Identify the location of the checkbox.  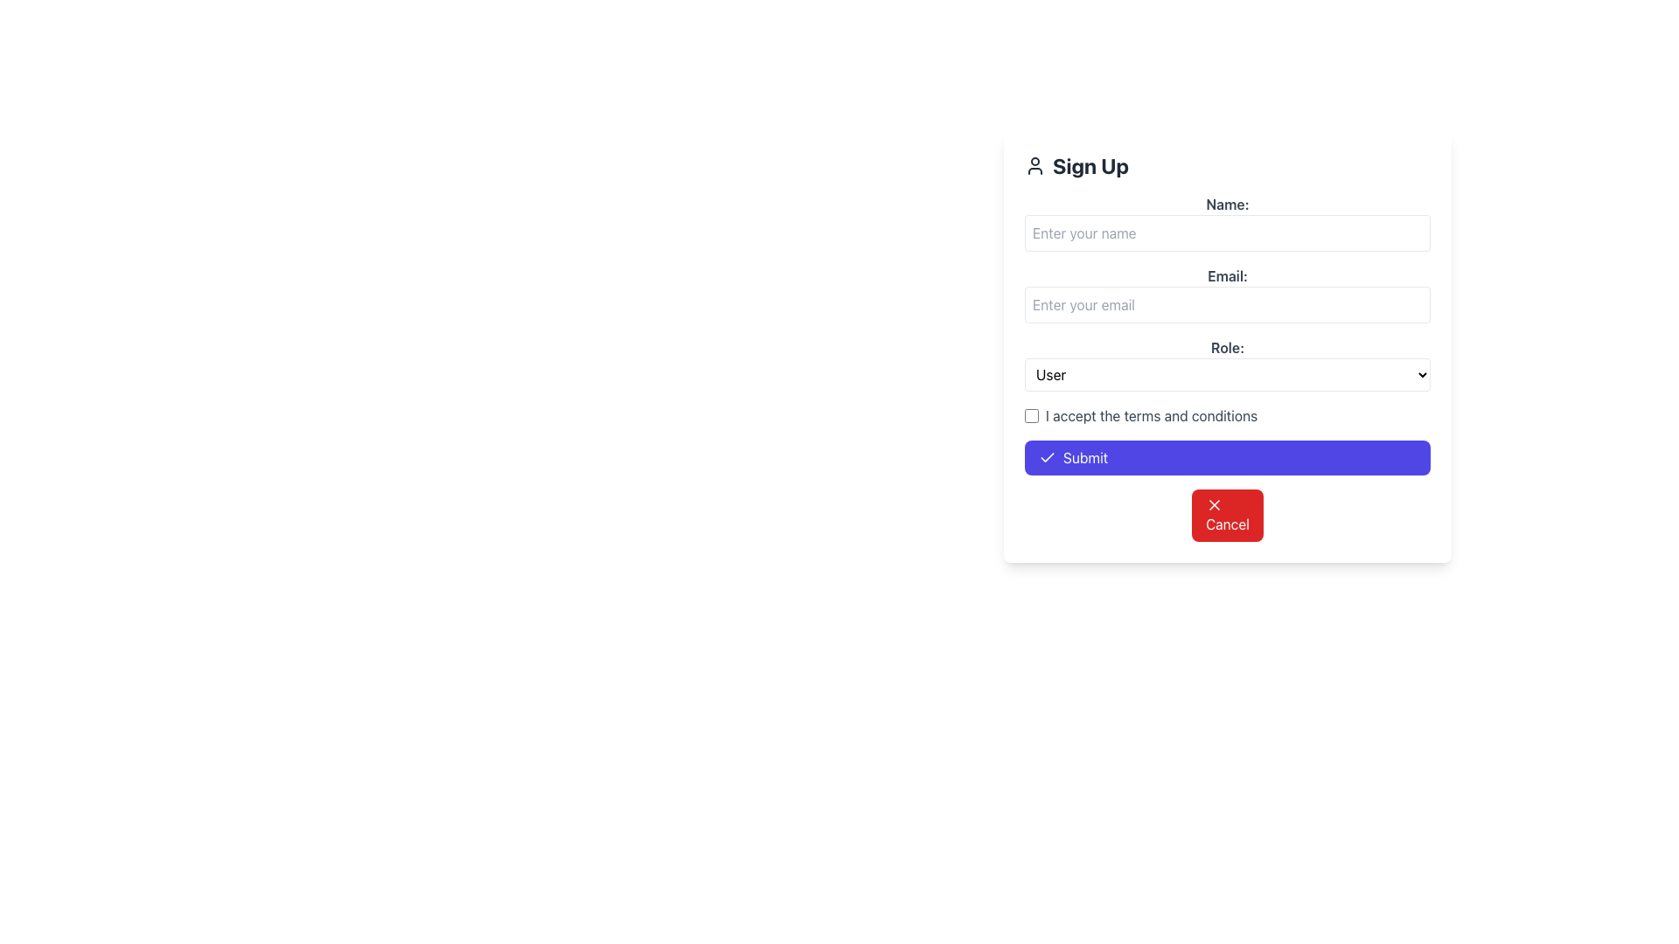
(1032, 415).